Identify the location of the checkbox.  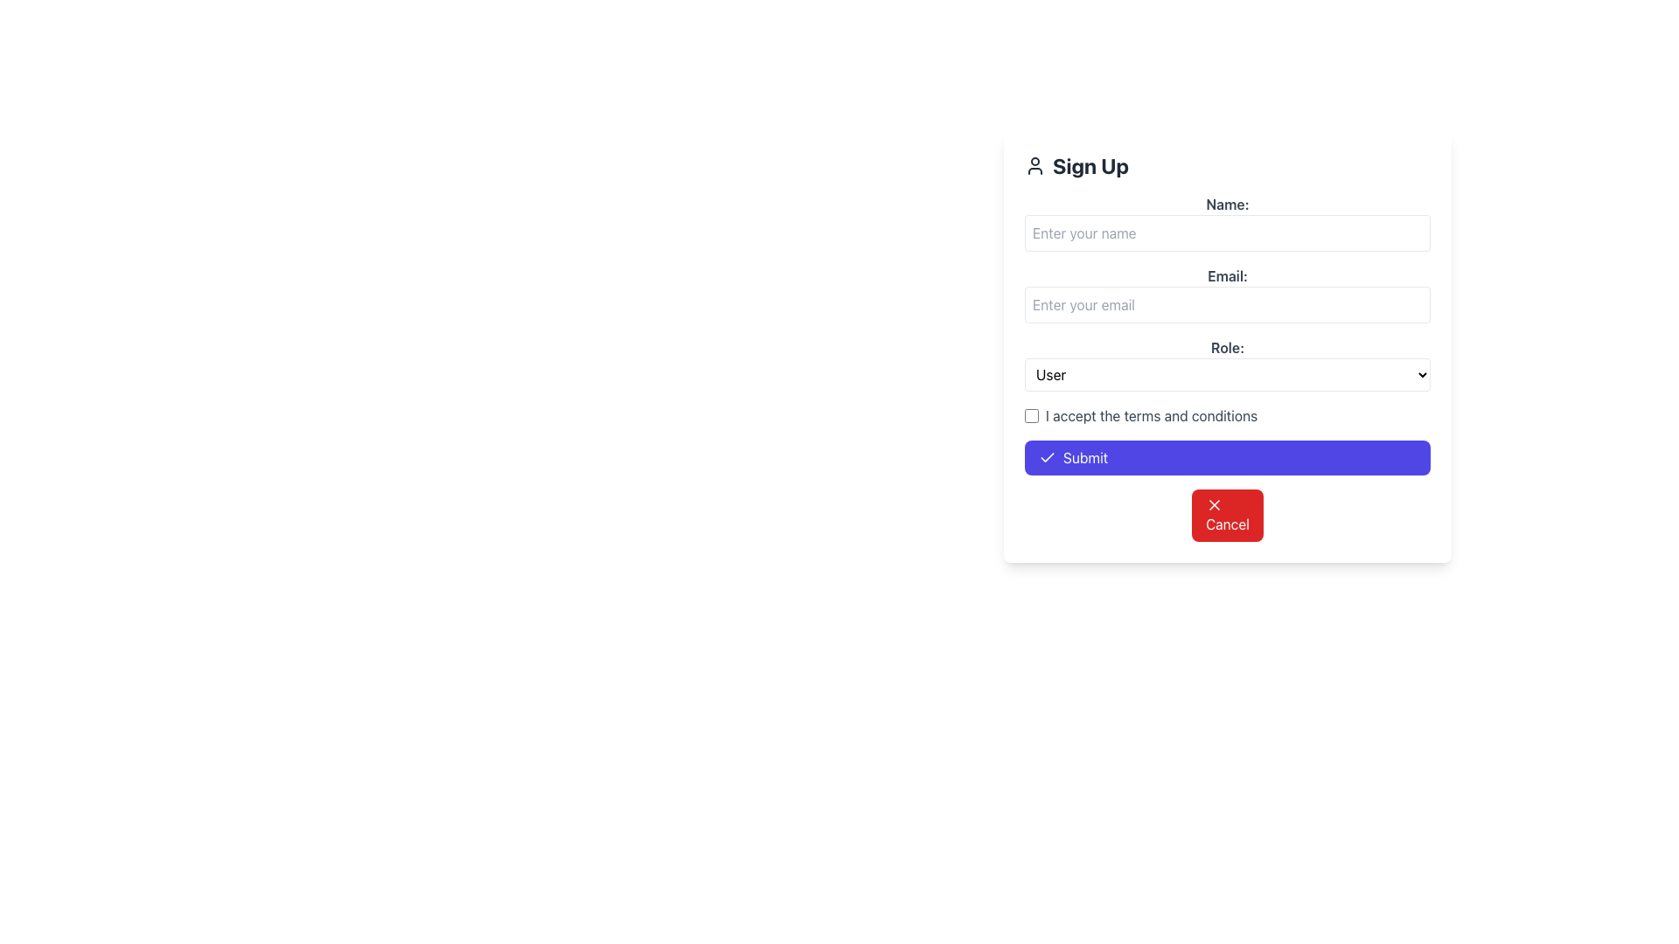
(1032, 415).